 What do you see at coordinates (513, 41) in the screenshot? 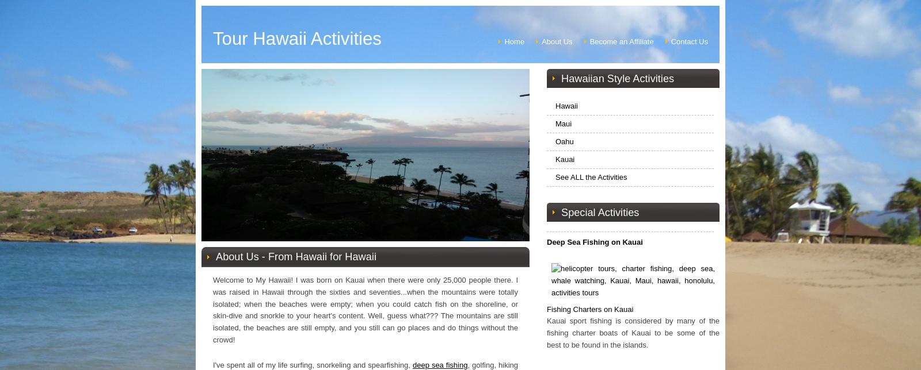
I see `'Home'` at bounding box center [513, 41].